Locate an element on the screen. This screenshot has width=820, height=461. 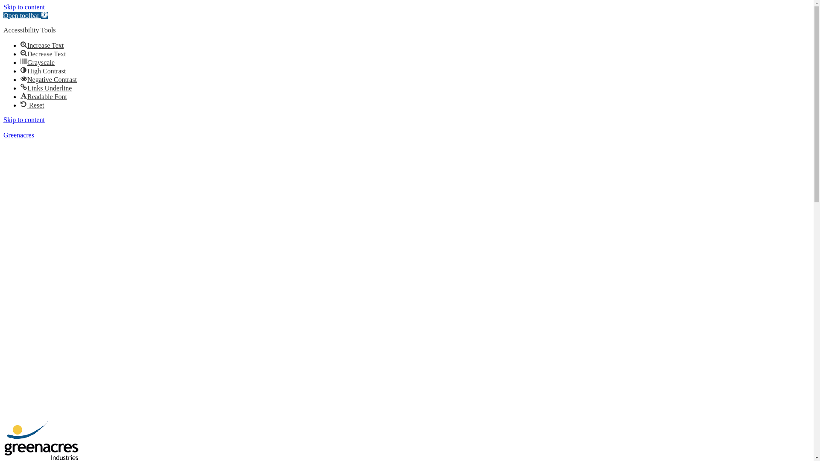
'Reset Reset' is located at coordinates (32, 105).